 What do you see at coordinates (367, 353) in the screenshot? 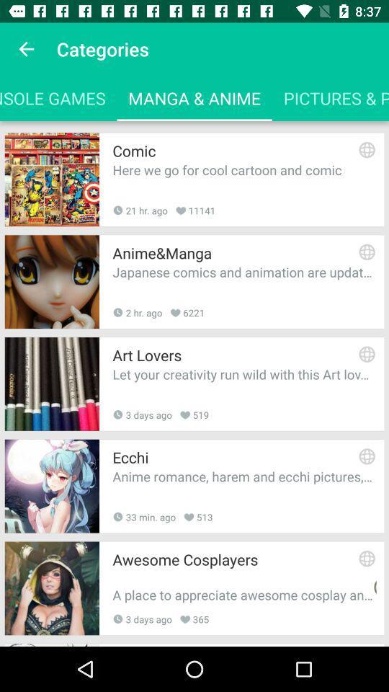
I see `the button beside art lovers` at bounding box center [367, 353].